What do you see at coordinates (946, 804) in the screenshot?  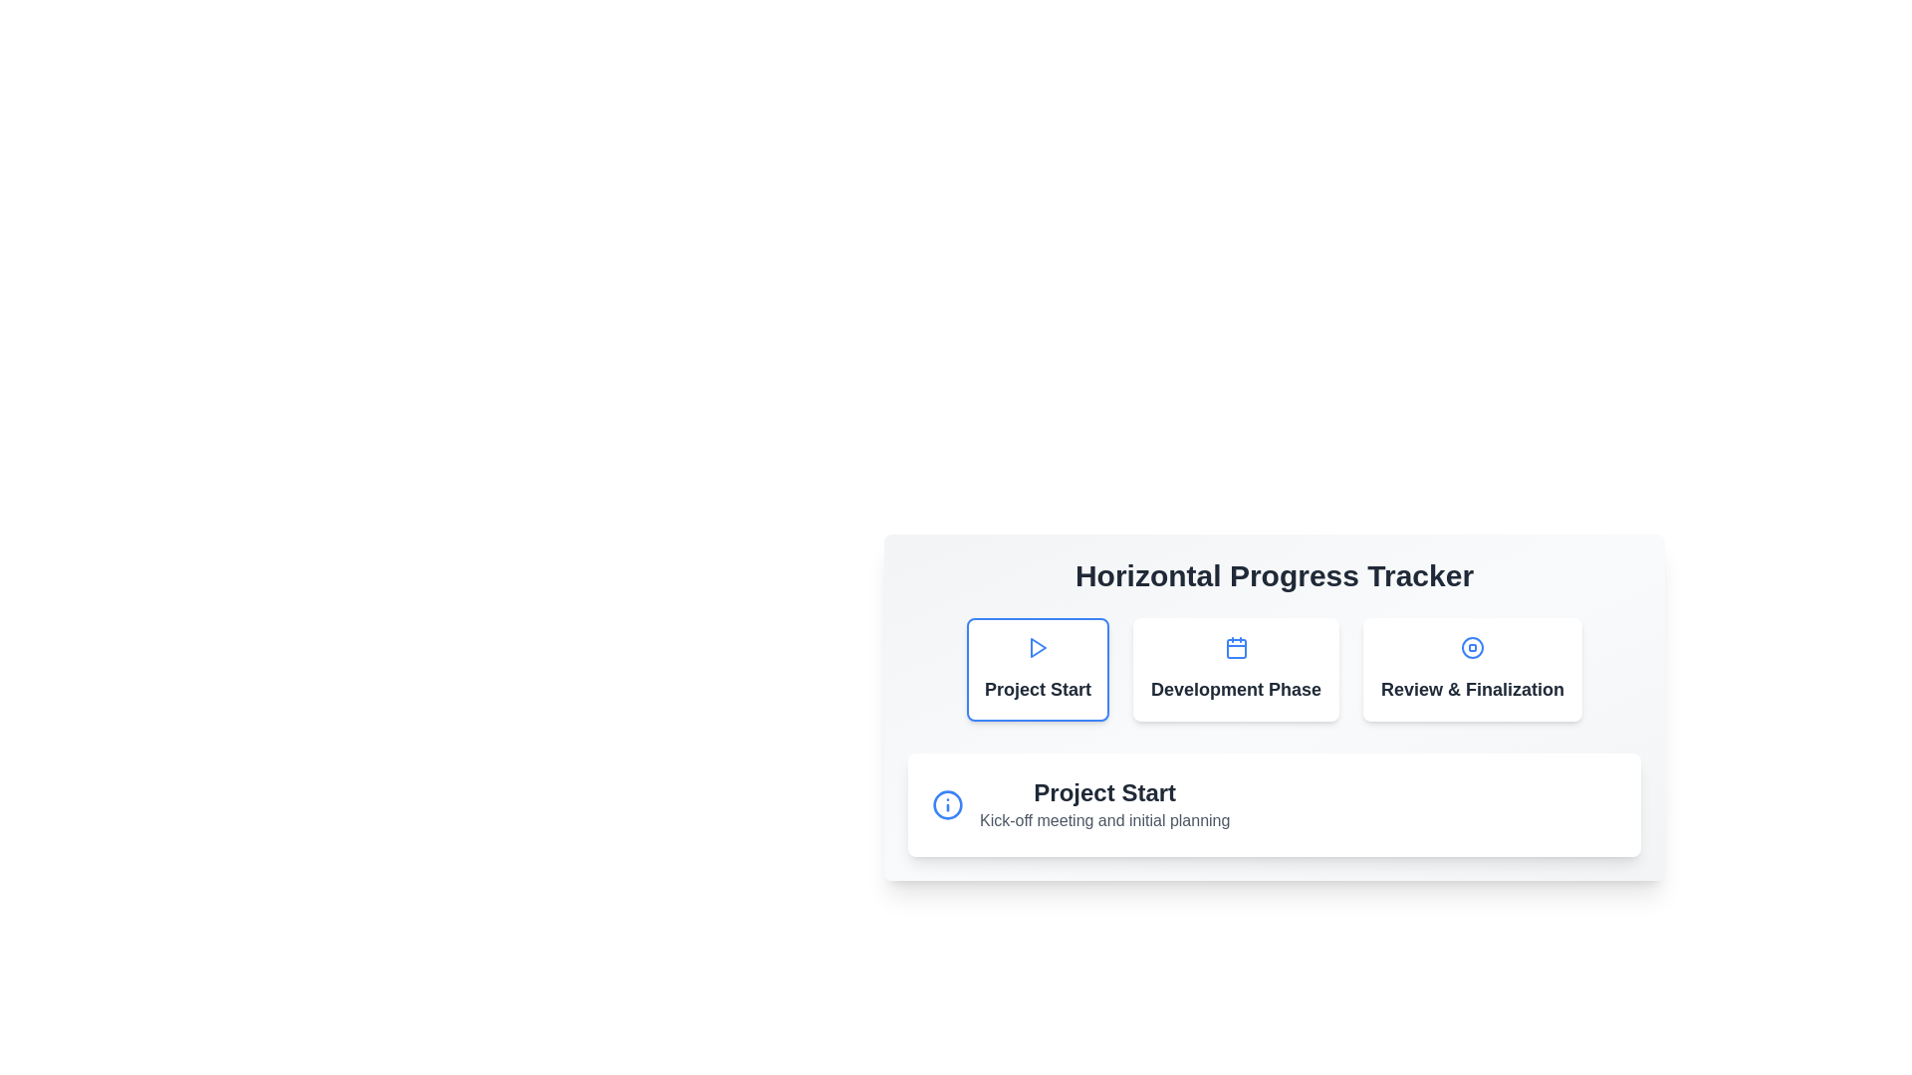 I see `the info icon represented by the circular vector graphic located at the top left of the project tracking card` at bounding box center [946, 804].